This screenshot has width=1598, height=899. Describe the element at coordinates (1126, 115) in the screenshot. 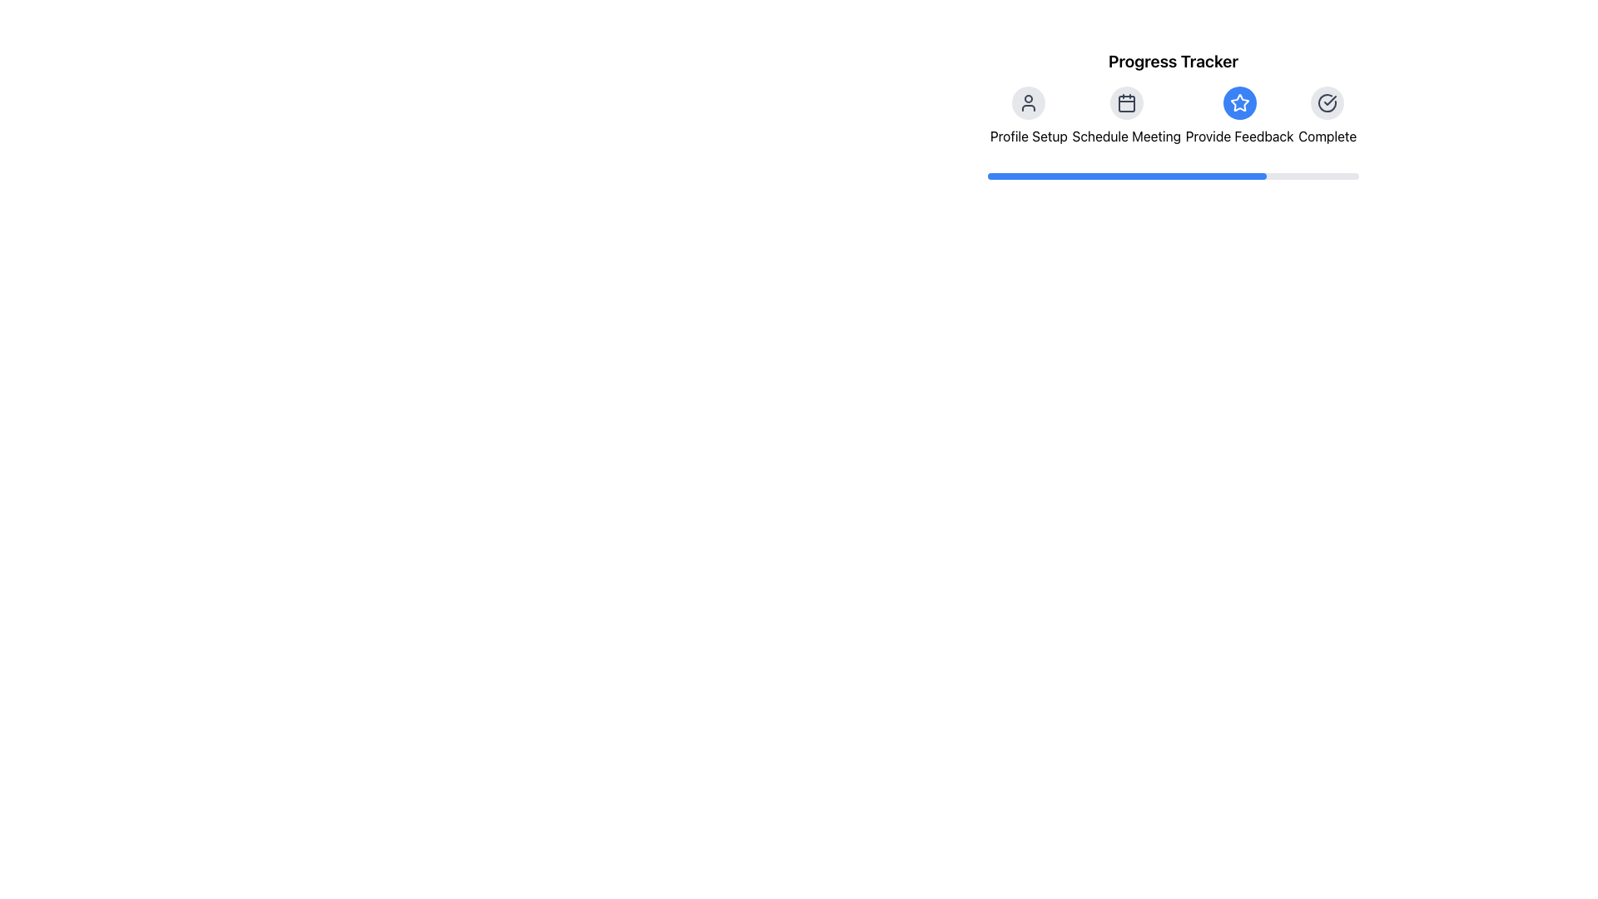

I see `the 'Schedule Meeting' step in the progress tracker, which is the second element from the left, positioned between 'Profile Setup' and 'Provide Feedback'` at that location.